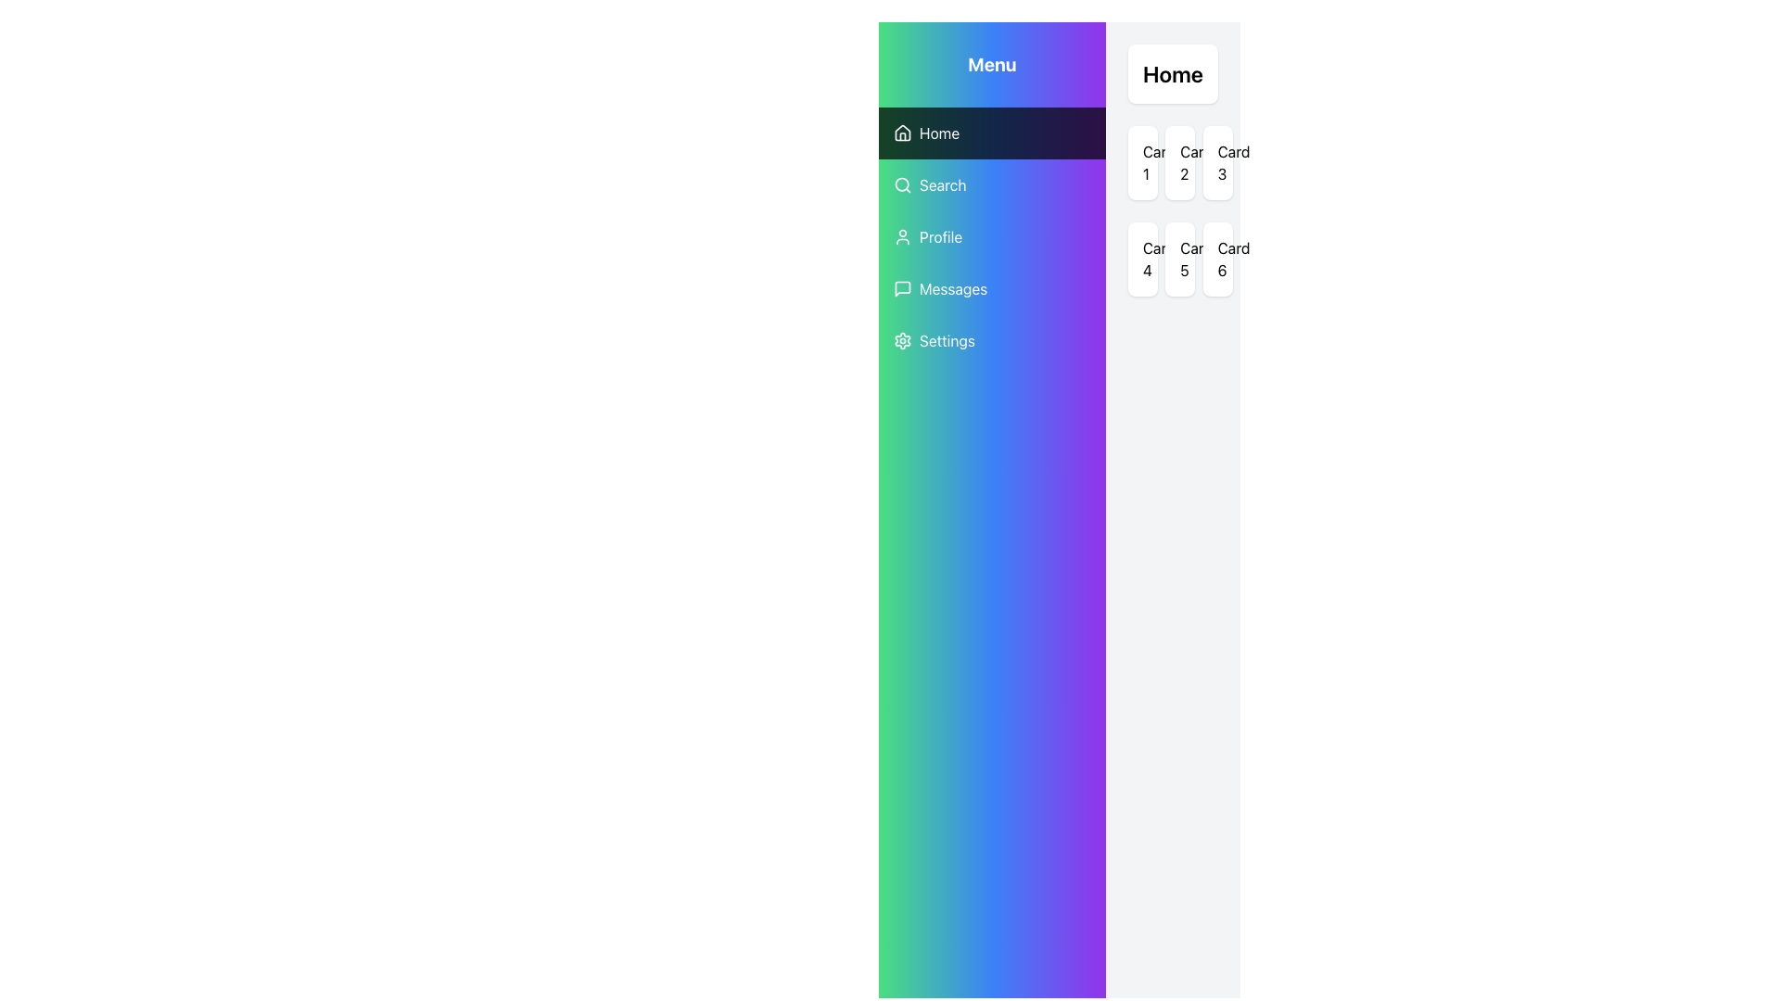 The width and height of the screenshot is (1780, 1001). Describe the element at coordinates (991, 63) in the screenshot. I see `the centered text component labeled 'Menu' displayed in bold font at the top of the sidebar with a gradient background transitioning from green to purple` at that location.